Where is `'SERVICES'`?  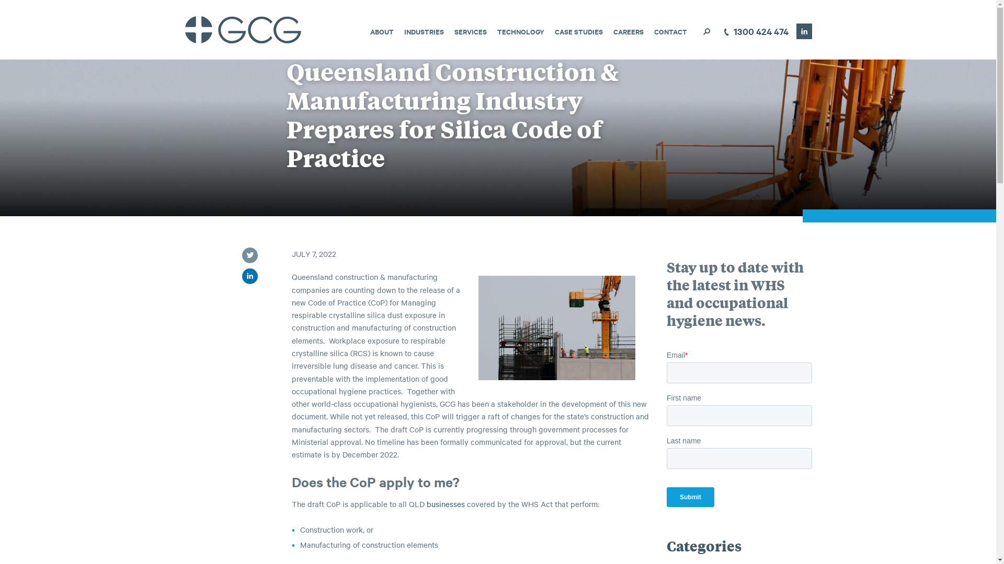
'SERVICES' is located at coordinates (469, 31).